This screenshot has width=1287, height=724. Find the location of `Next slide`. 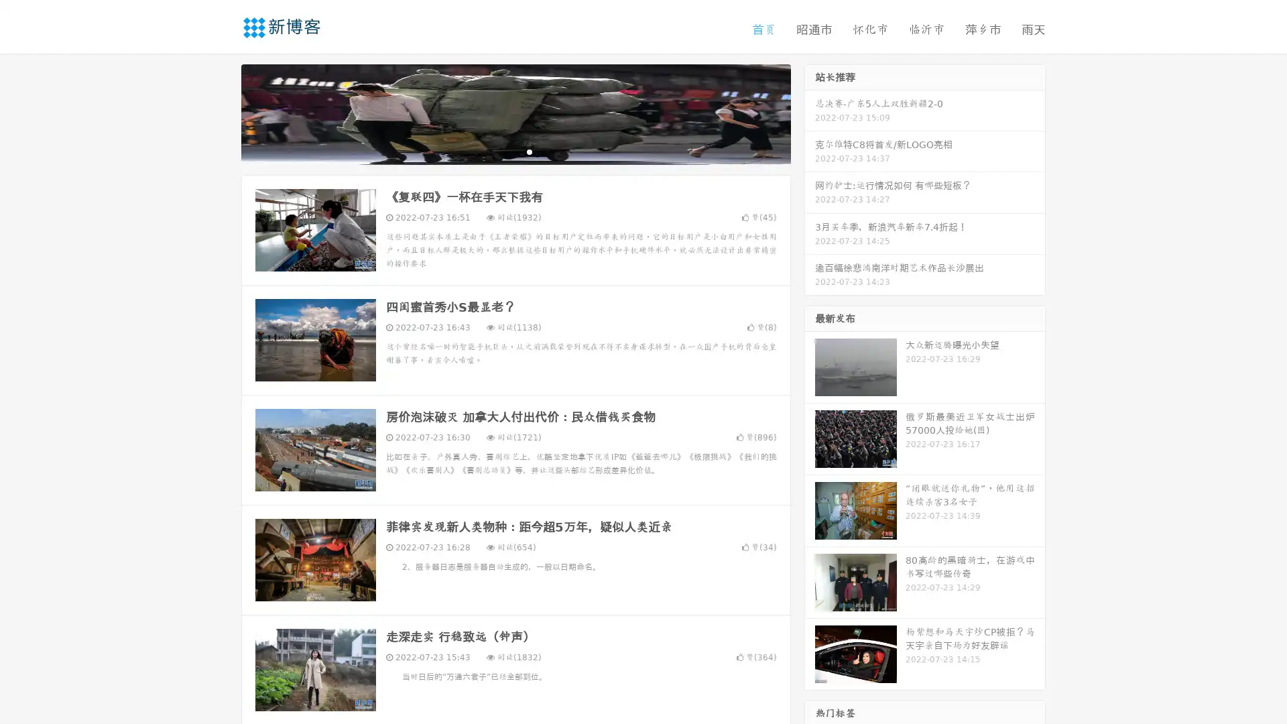

Next slide is located at coordinates (810, 113).